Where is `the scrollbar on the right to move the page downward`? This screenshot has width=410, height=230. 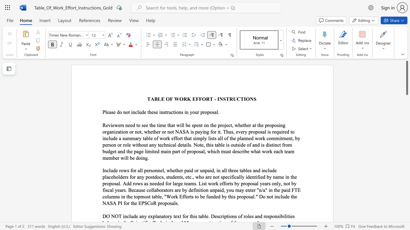 the scrollbar on the right to move the page downward is located at coordinates (406, 102).